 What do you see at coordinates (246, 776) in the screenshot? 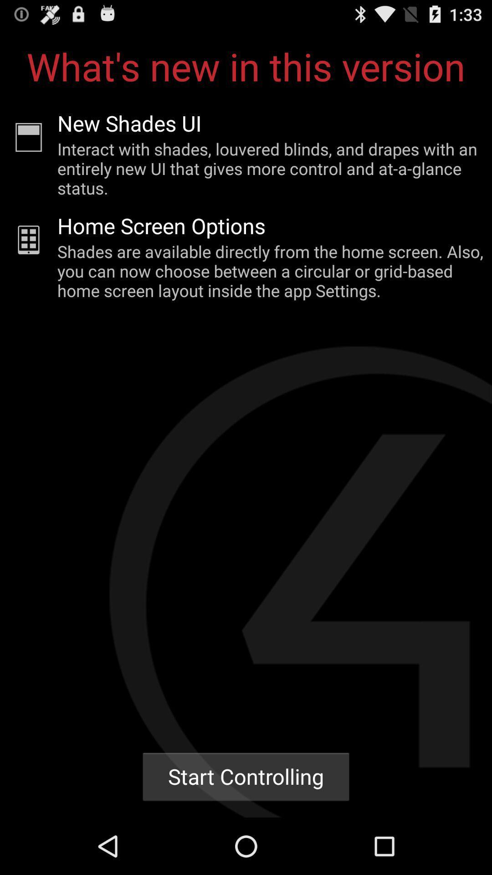
I see `start controlling` at bounding box center [246, 776].